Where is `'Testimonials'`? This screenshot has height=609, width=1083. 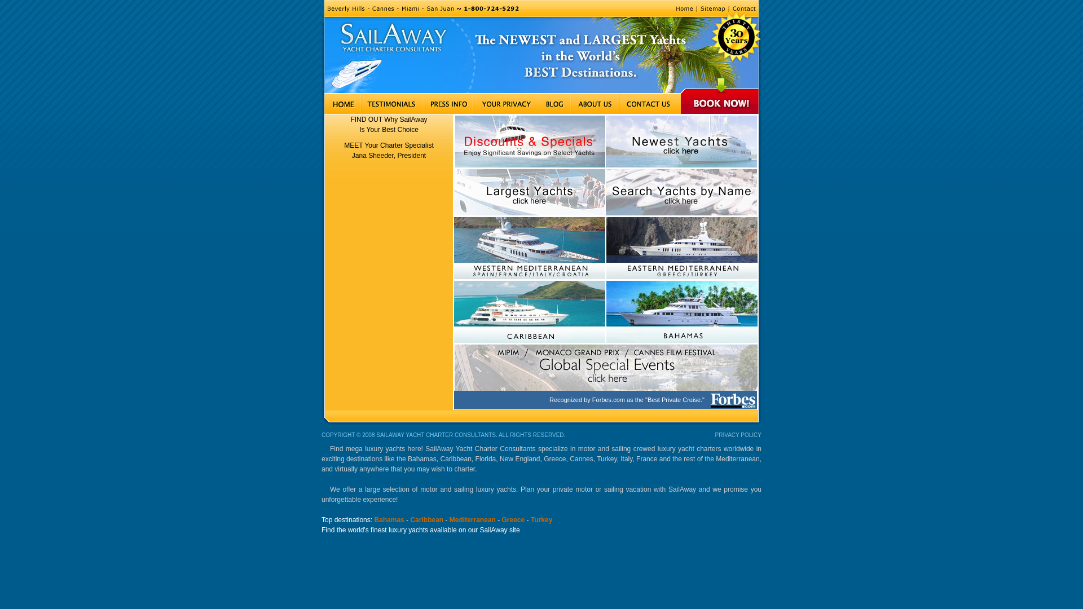
'Testimonials' is located at coordinates (360, 104).